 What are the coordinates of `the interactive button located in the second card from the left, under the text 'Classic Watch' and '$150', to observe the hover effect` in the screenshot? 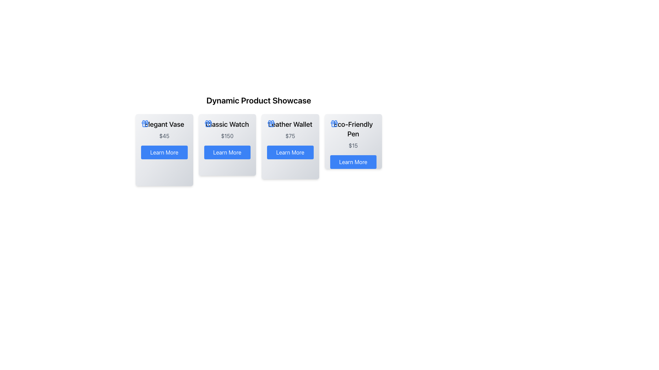 It's located at (227, 152).